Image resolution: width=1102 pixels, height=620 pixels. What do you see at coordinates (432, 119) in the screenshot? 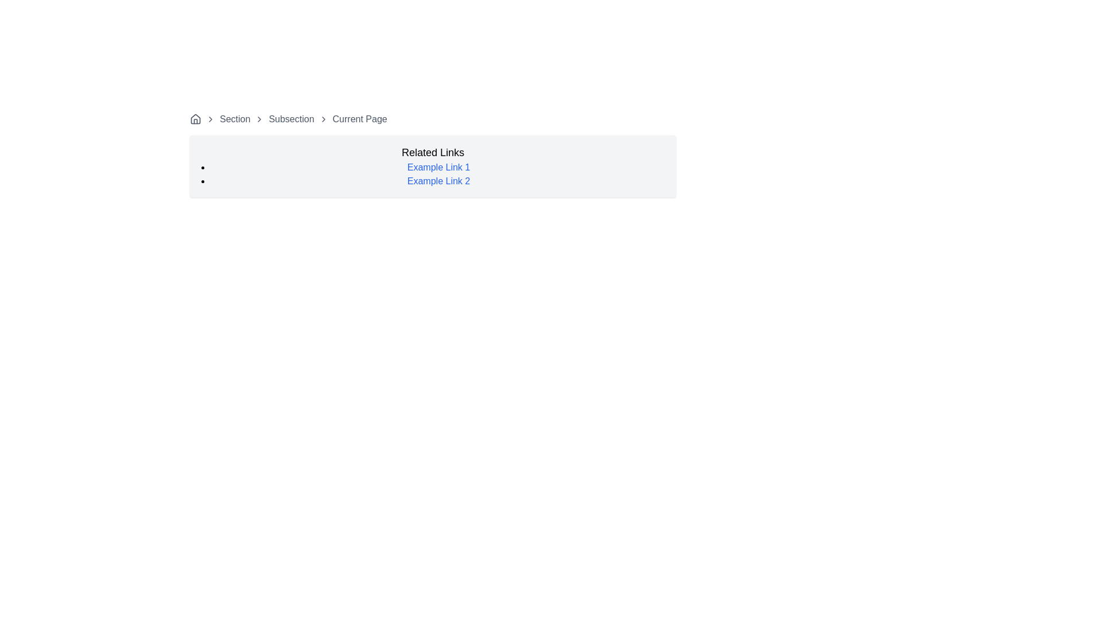
I see `the 'Section' link in the Breadcrumb navigation bar` at bounding box center [432, 119].